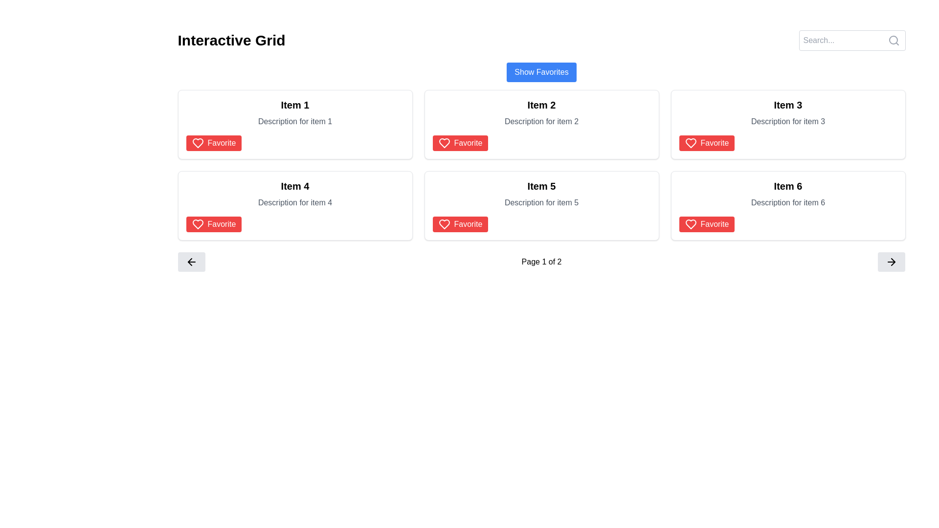 The width and height of the screenshot is (939, 528). What do you see at coordinates (294, 105) in the screenshot?
I see `the text label that identifies the card as 'Item 1', positioned at the top of the first card in the grid layout` at bounding box center [294, 105].